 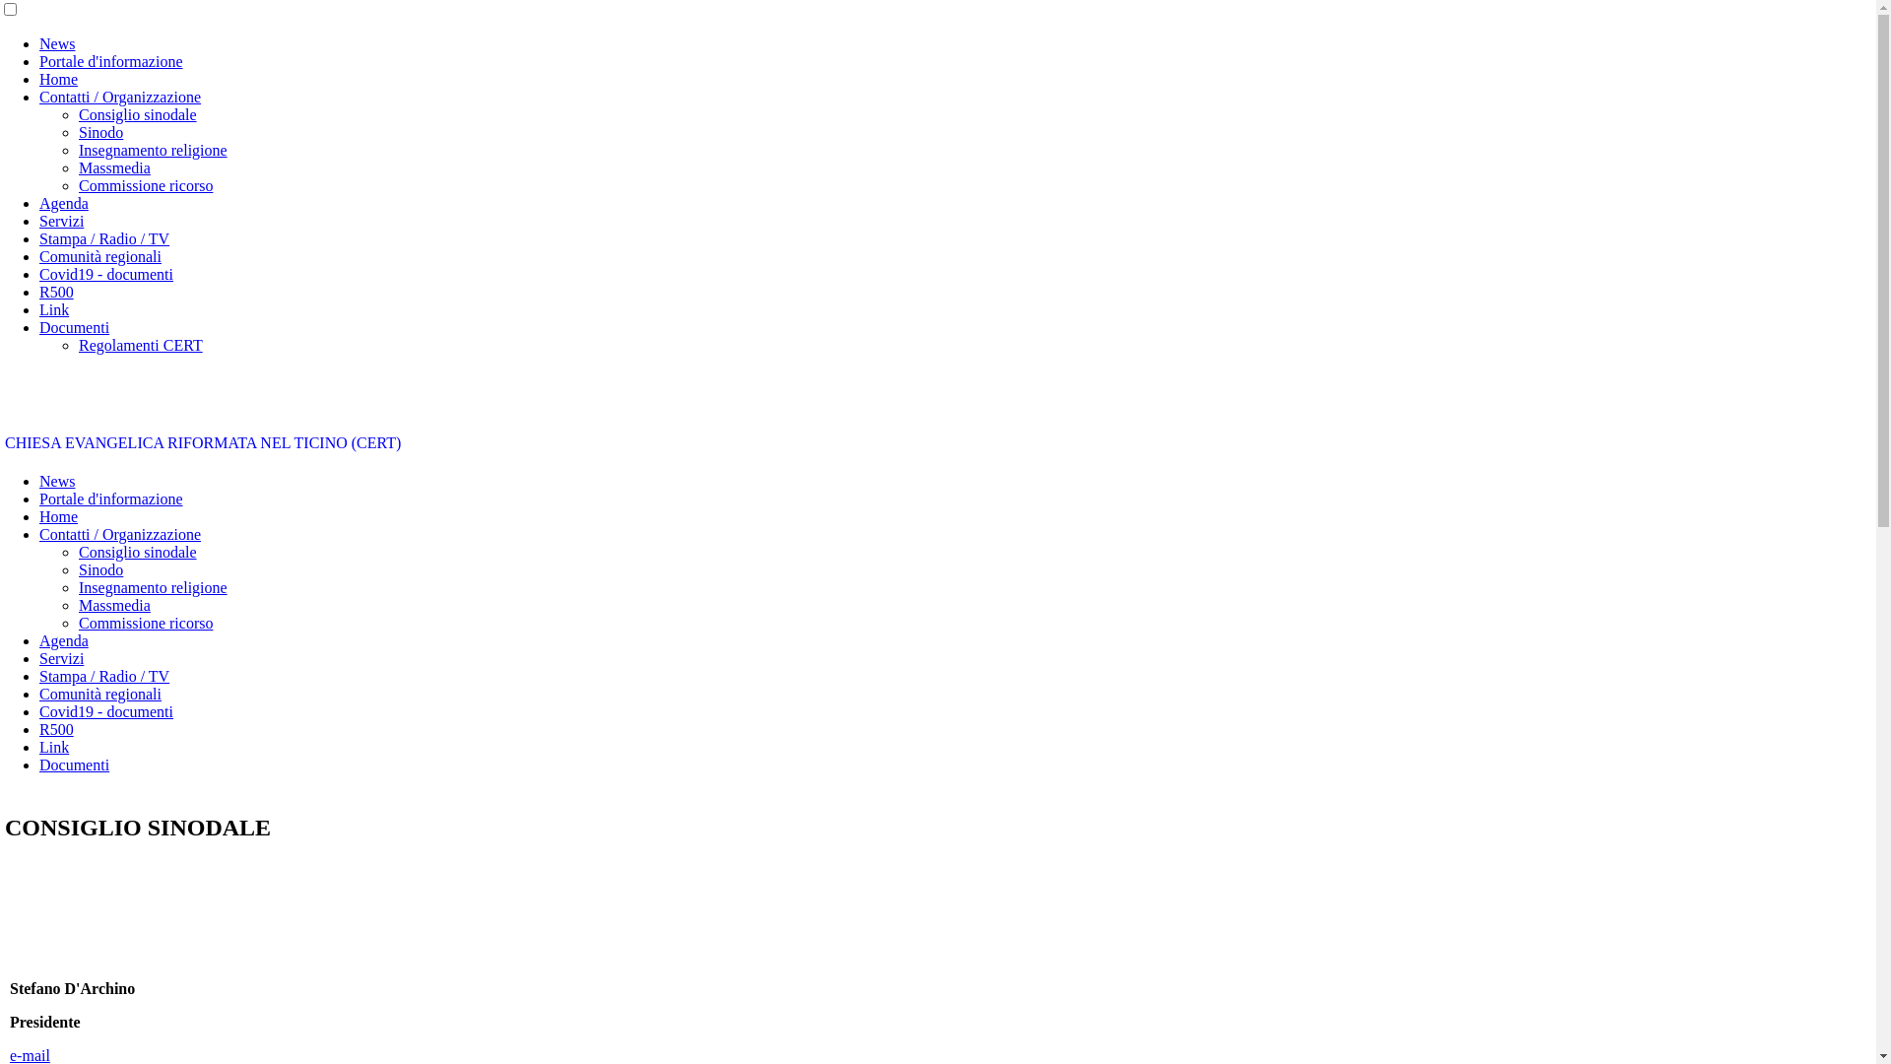 What do you see at coordinates (79, 149) in the screenshot?
I see `'Insegnamento religione'` at bounding box center [79, 149].